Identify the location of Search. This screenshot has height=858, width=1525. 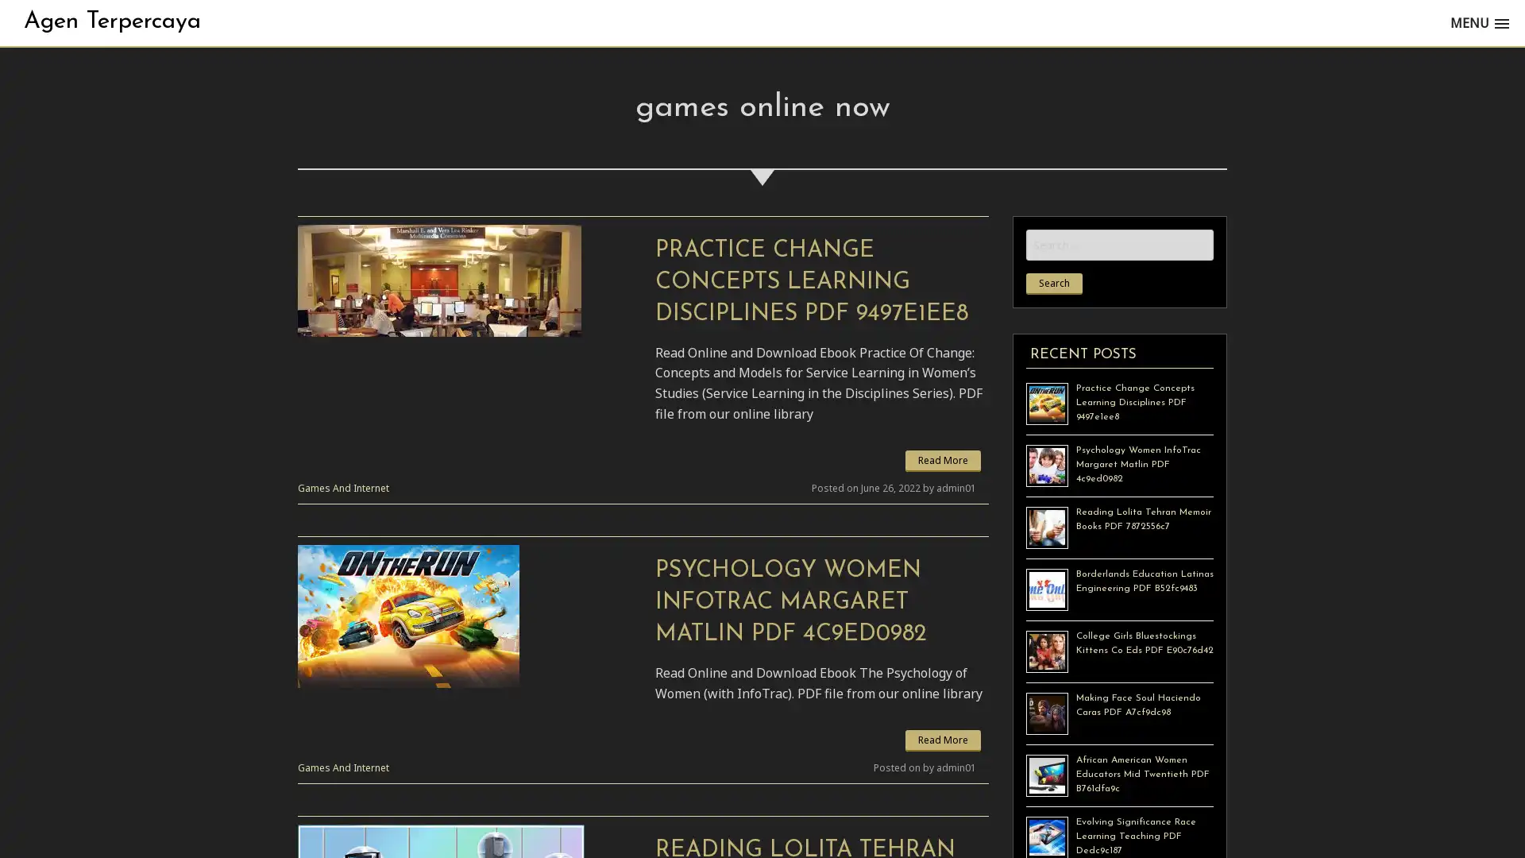
(1054, 283).